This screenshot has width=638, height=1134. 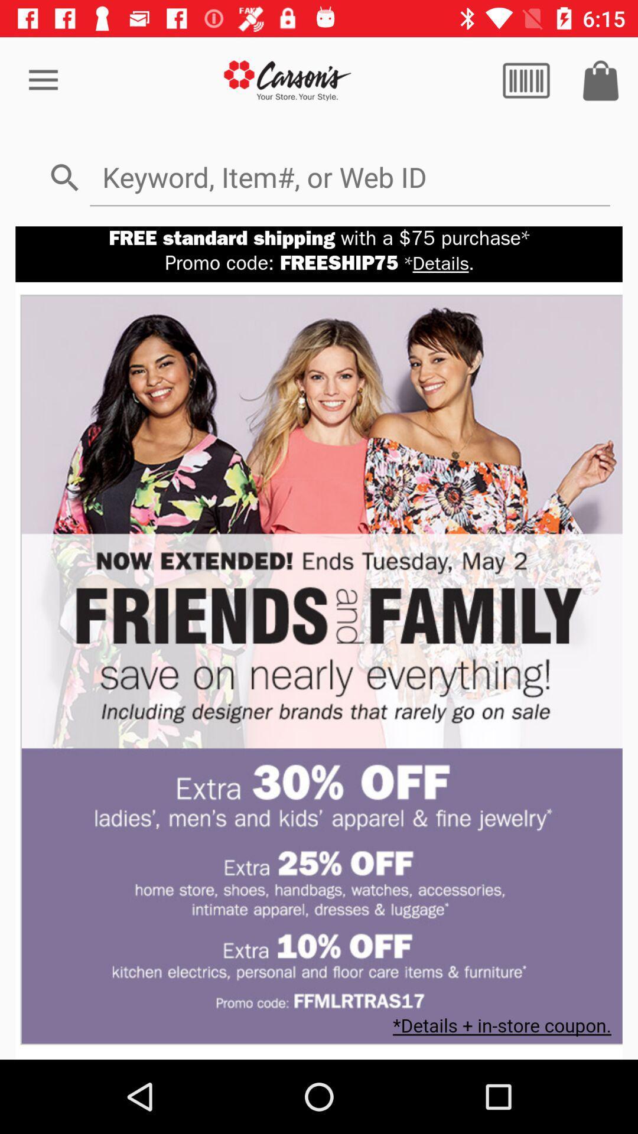 I want to click on go back, so click(x=288, y=80).